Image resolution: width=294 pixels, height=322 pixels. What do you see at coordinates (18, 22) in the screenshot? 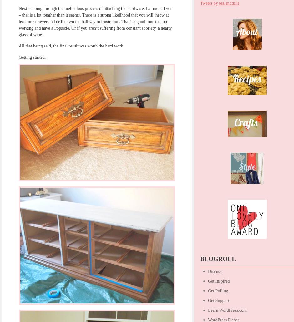
I see `'Next is going through the meticulous process of attaching the hardware. Let me tell you – that is a lot tougher than it seems. There is a strong likelihood that you will throw at least one drawer and drill down the hallway in frustration. That’s a good time to stop working and have a Popsicle. Or if you aren’t suffering from constant sobriety, a hearty glass of wine.'` at bounding box center [18, 22].